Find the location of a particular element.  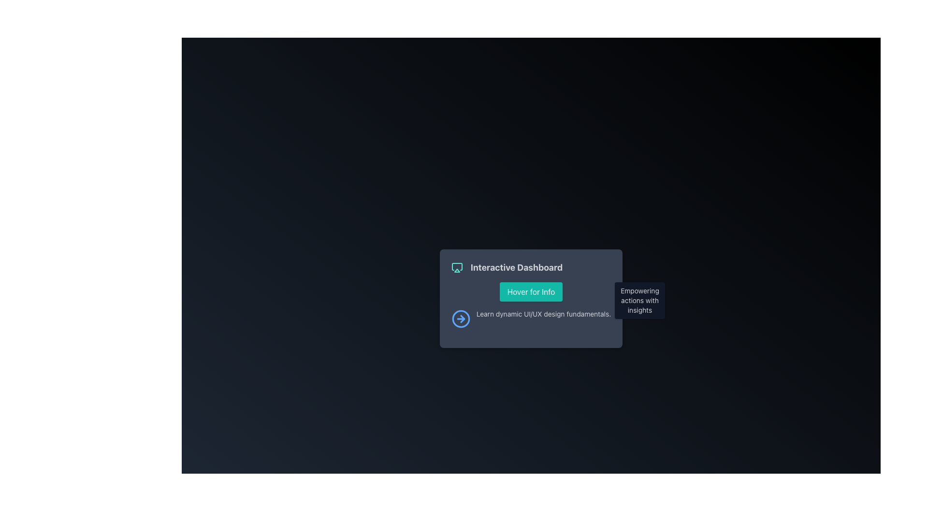

the static label or text display that provides an overview of UI/UX design fundamentals, which is located adjacent to a right-arrow icon and below a 'Hover for Info' button is located at coordinates (543, 319).